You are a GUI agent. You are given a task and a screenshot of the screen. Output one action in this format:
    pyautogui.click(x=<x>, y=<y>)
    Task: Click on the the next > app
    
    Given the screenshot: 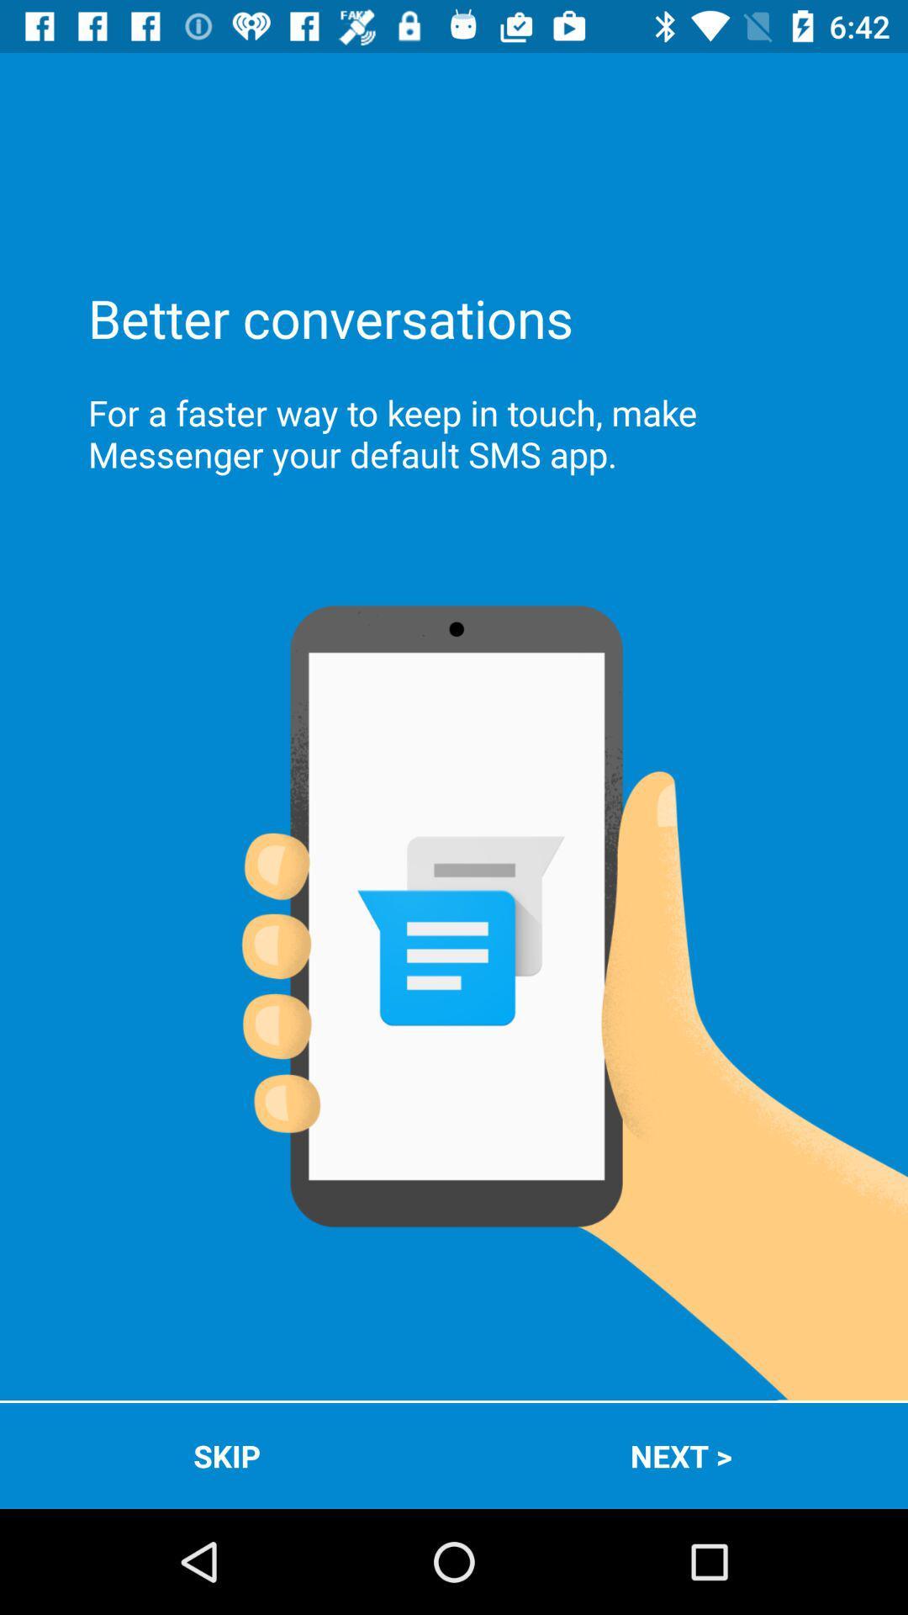 What is the action you would take?
    pyautogui.click(x=681, y=1455)
    